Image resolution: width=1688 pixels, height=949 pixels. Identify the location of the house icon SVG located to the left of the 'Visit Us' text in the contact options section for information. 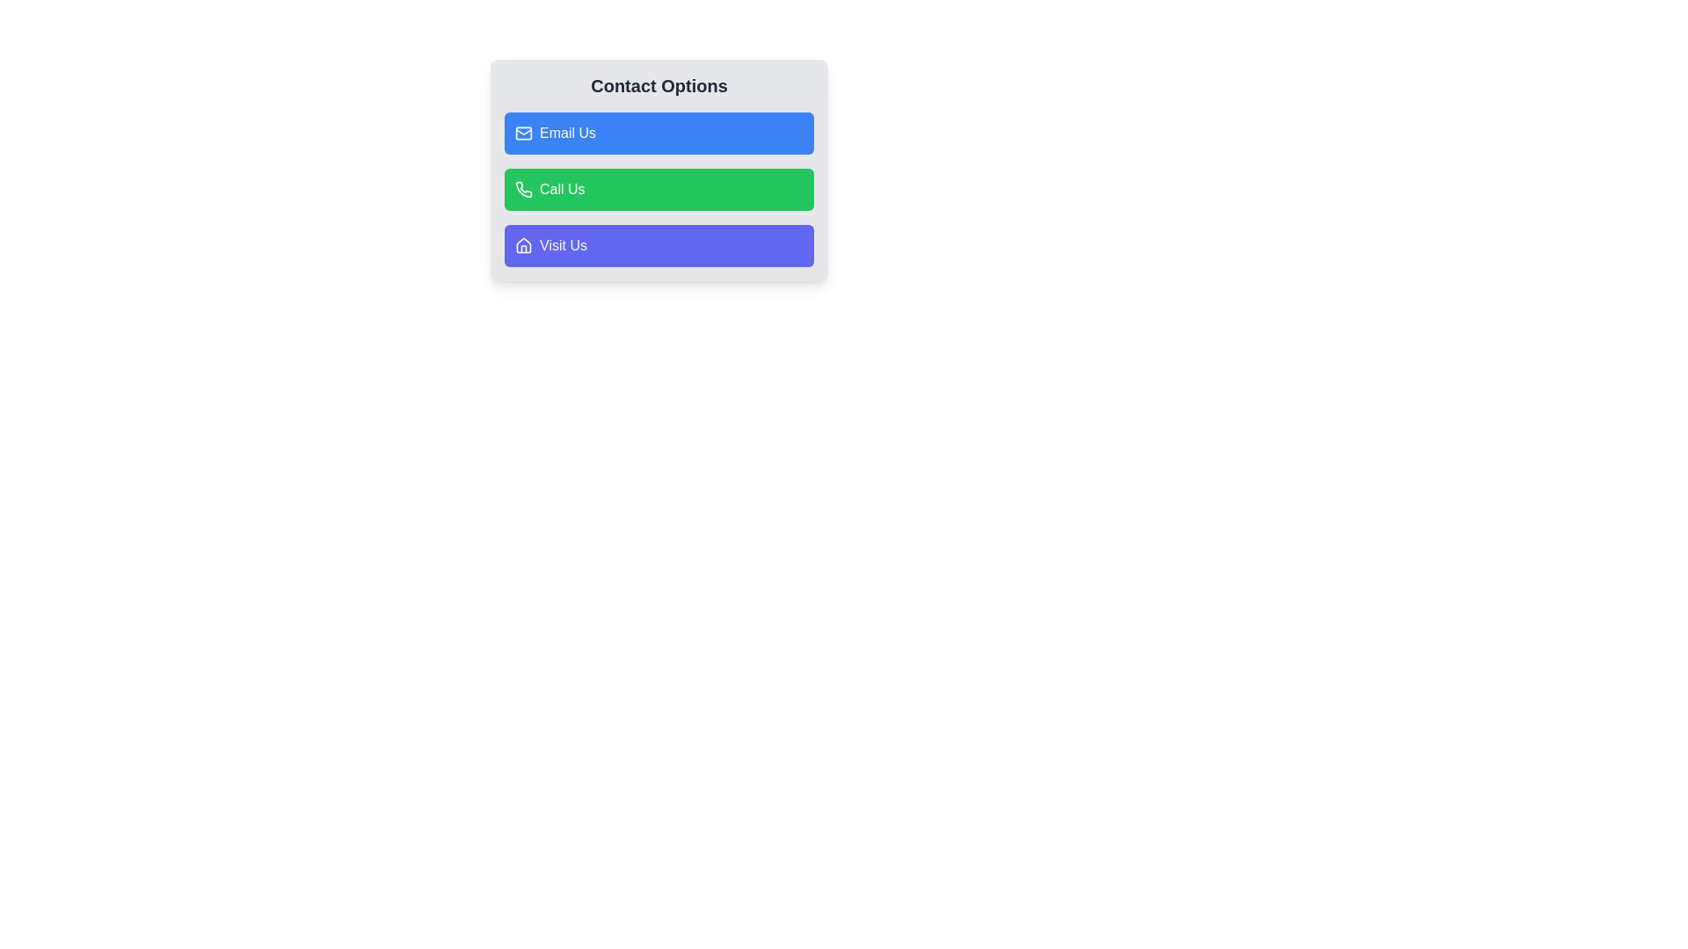
(522, 246).